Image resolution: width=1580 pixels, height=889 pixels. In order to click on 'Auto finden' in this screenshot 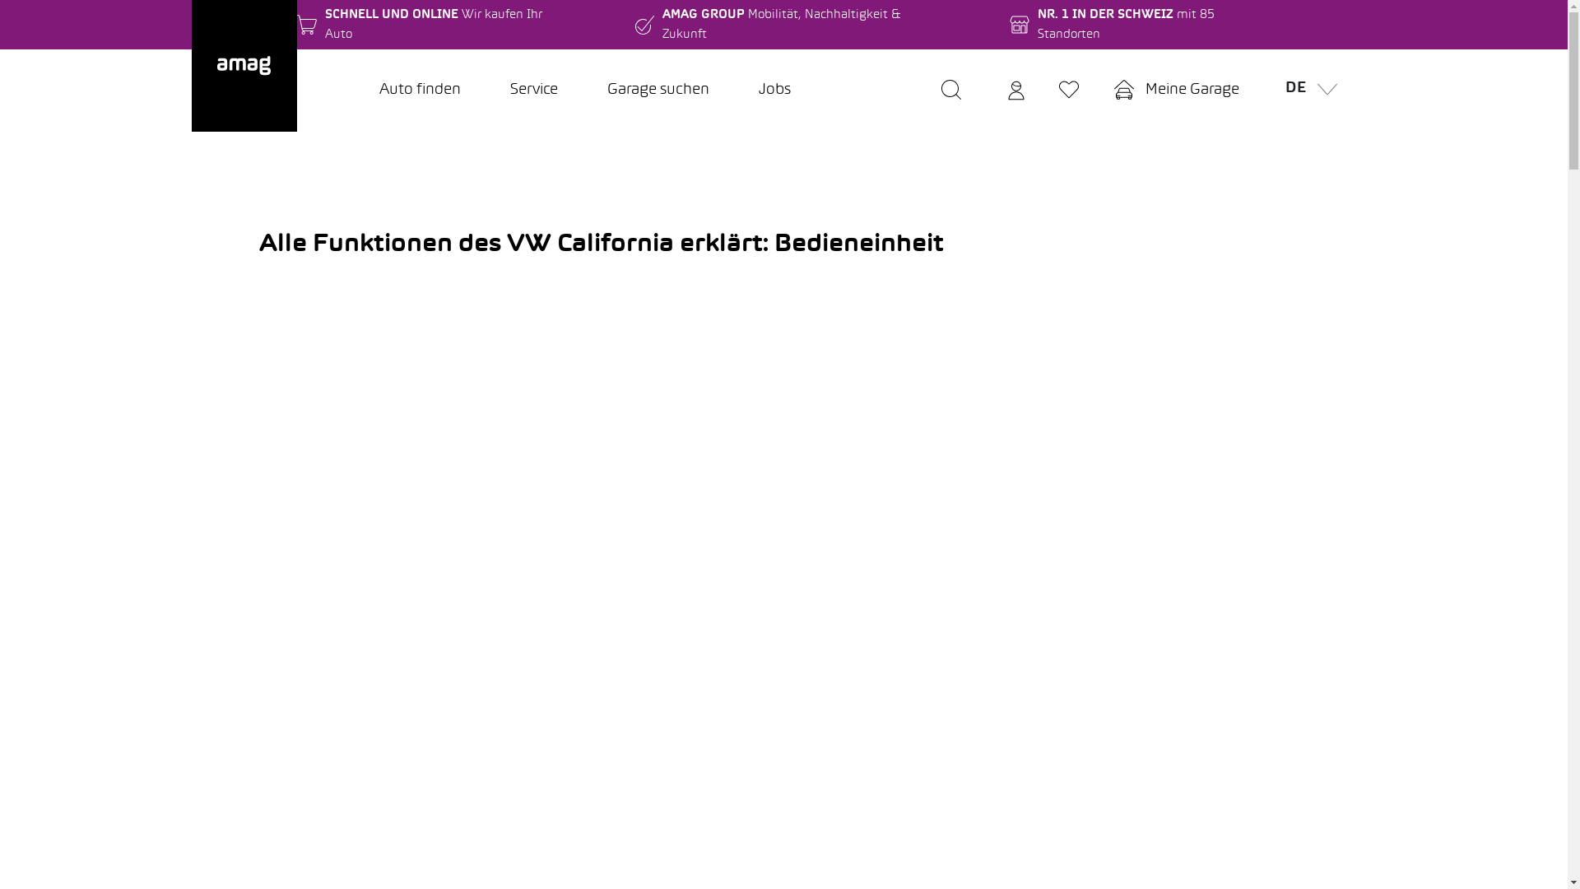, I will do `click(353, 91)`.